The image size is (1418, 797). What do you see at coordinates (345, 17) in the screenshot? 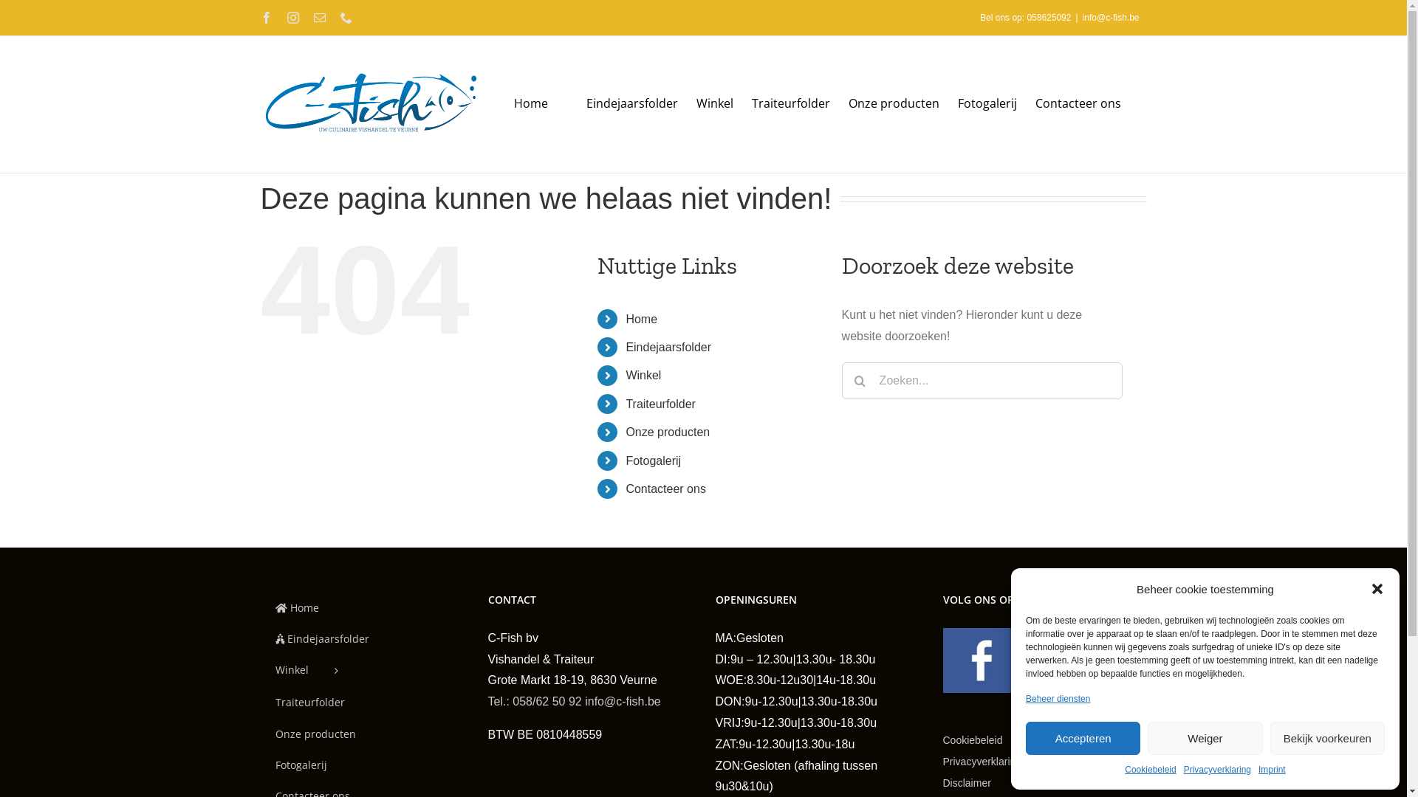
I see `'Phone'` at bounding box center [345, 17].